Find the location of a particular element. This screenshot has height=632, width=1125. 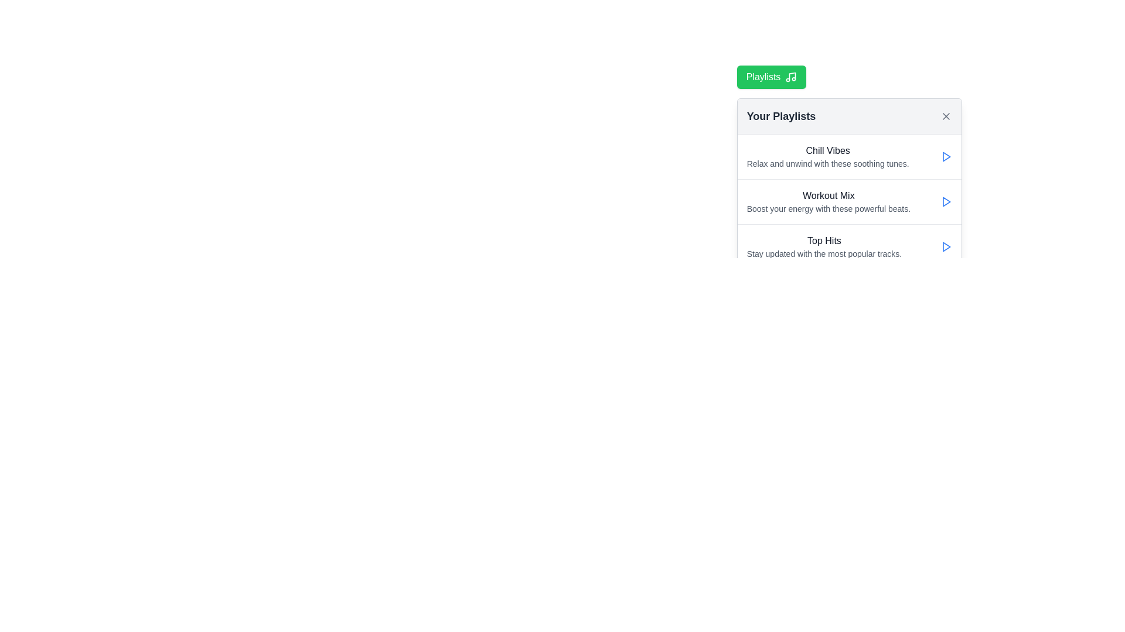

the triangular play icon located to the right of the text 'Workout Mix' in the second item of the playlist is located at coordinates (946, 201).